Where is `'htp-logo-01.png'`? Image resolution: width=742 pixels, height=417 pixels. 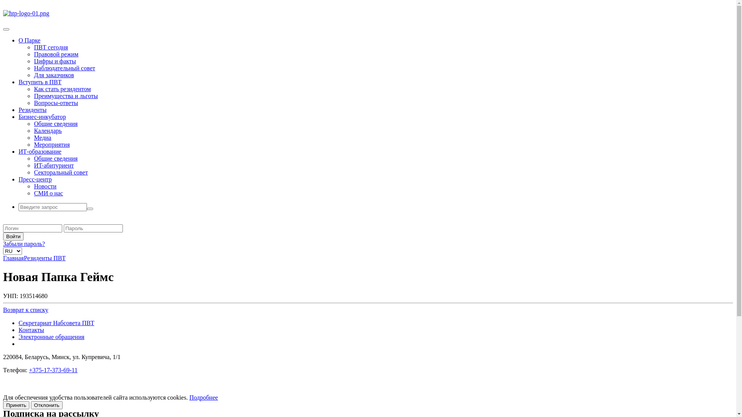
'htp-logo-01.png' is located at coordinates (3, 13).